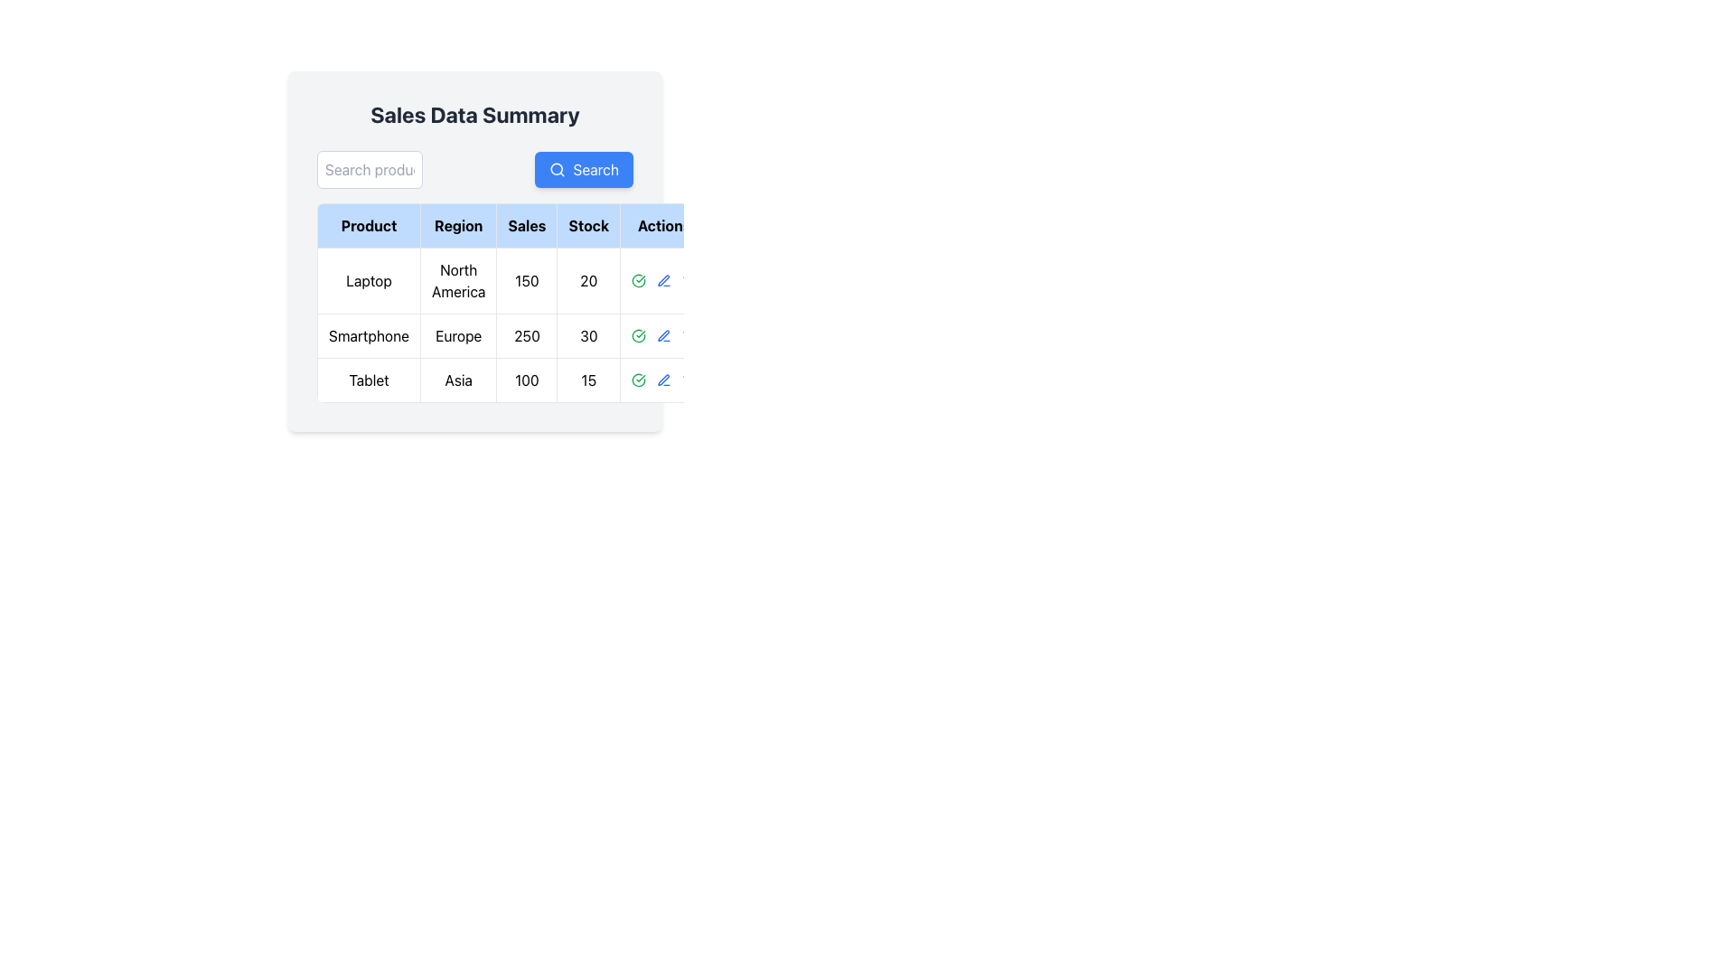  What do you see at coordinates (511, 335) in the screenshot?
I see `the second row in the 'Sales Data Summary' table that contains the text 'Smartphone', 'Europe', '250', and '30'` at bounding box center [511, 335].